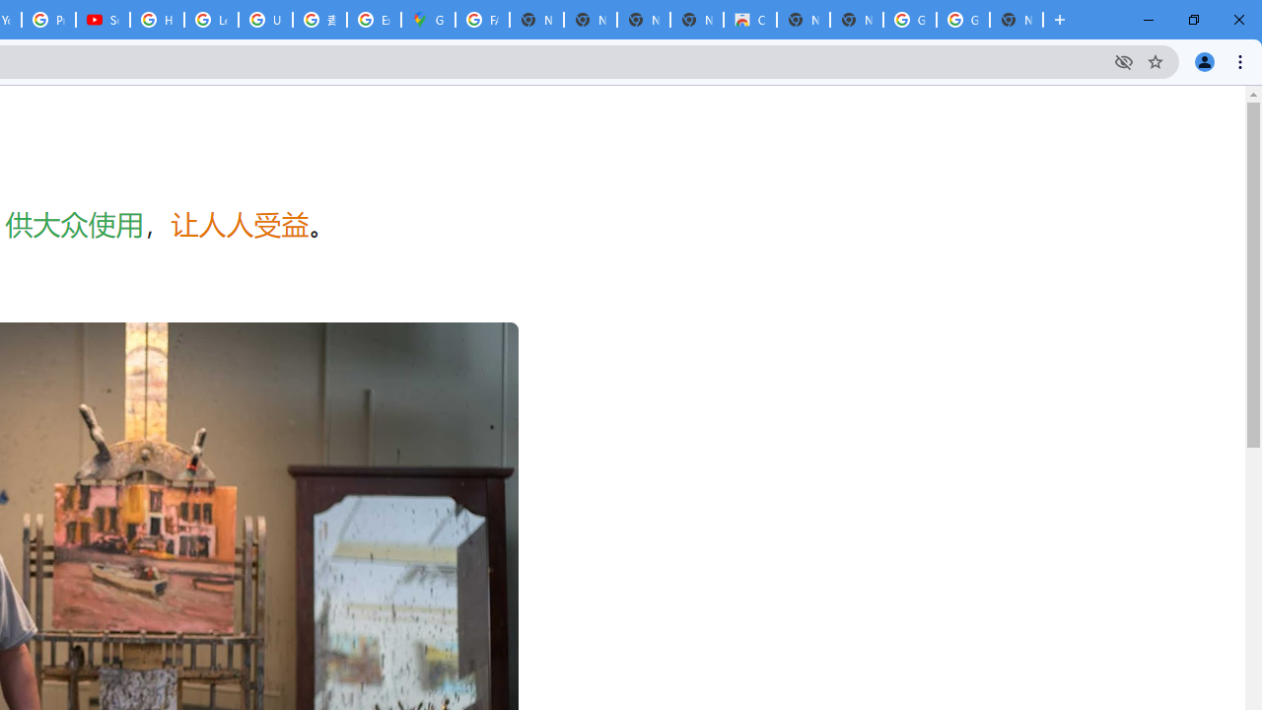  Describe the element at coordinates (427, 20) in the screenshot. I see `'Google Maps'` at that location.